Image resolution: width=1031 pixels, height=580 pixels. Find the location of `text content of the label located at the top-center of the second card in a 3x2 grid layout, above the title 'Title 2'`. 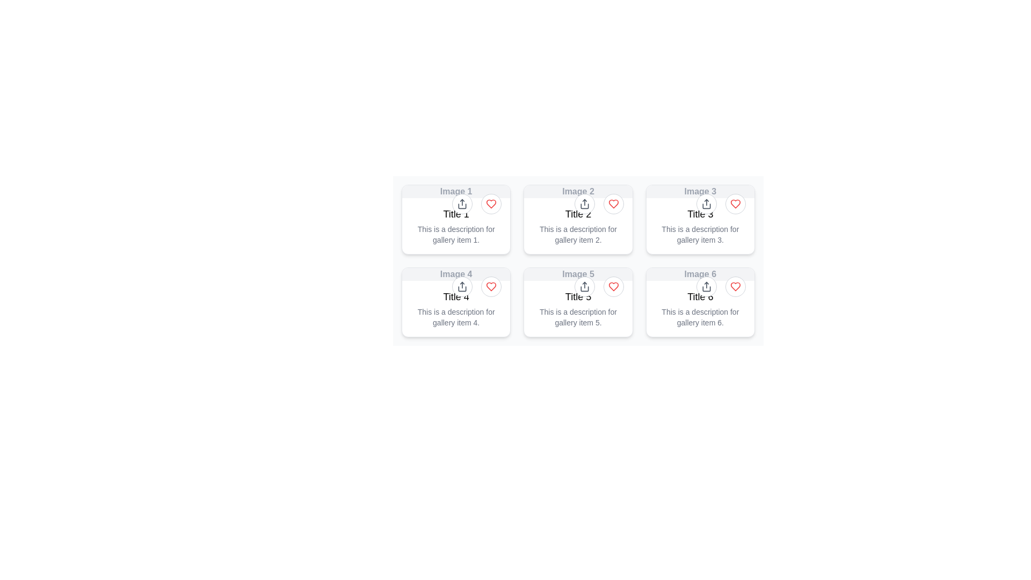

text content of the label located at the top-center of the second card in a 3x2 grid layout, above the title 'Title 2' is located at coordinates (577, 191).